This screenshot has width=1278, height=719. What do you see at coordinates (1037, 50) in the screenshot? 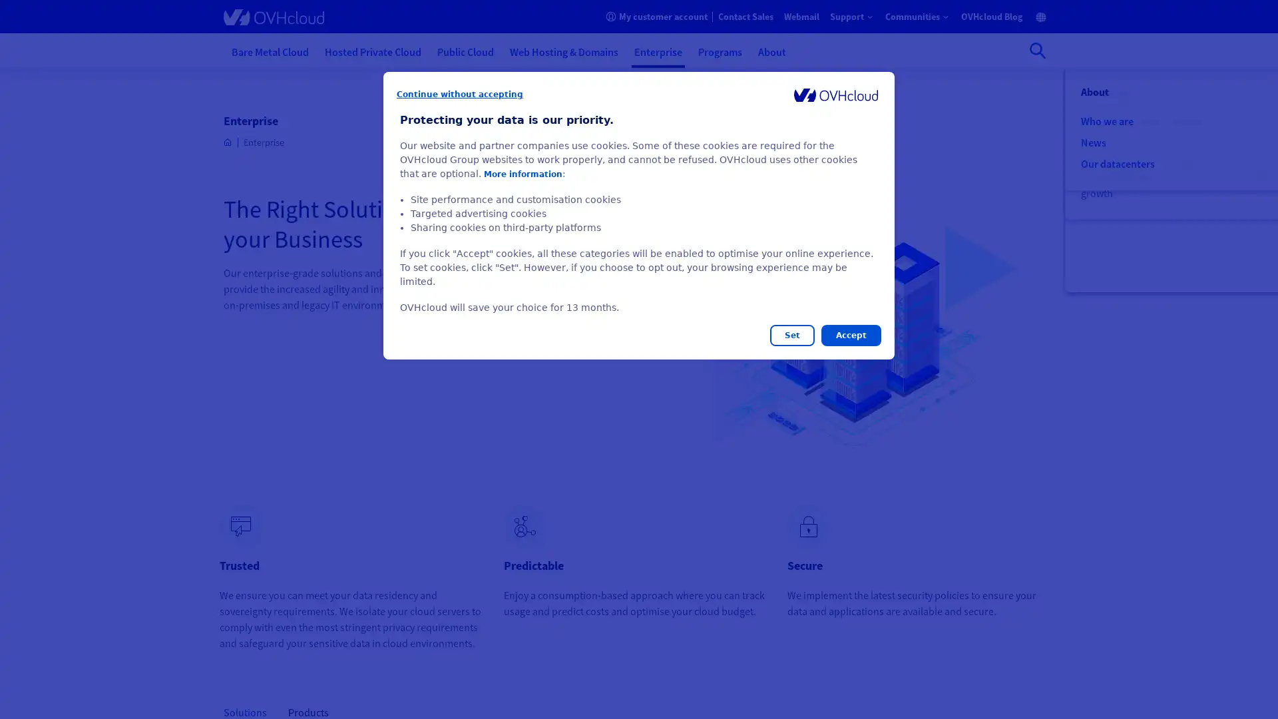
I see `Open search bar` at bounding box center [1037, 50].